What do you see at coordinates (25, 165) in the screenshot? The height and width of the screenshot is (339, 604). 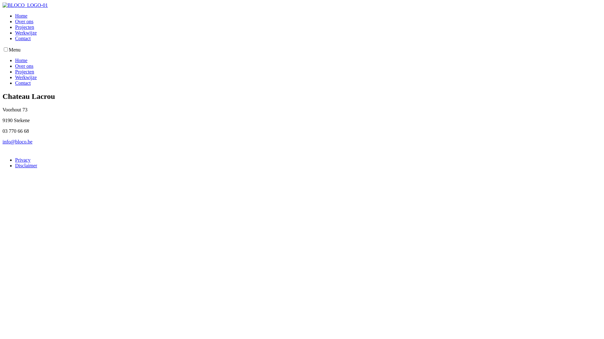 I see `'Disclaimer'` at bounding box center [25, 165].